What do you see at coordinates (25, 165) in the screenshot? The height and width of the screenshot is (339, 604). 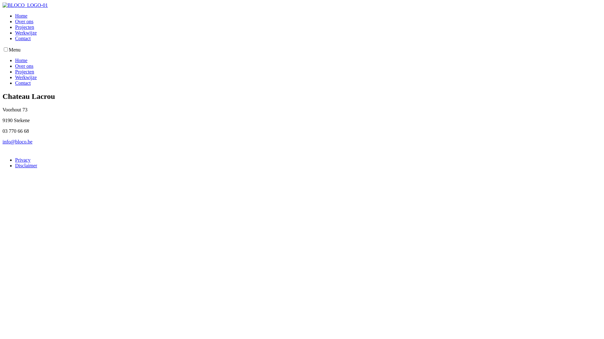 I see `'Disclaimer'` at bounding box center [25, 165].